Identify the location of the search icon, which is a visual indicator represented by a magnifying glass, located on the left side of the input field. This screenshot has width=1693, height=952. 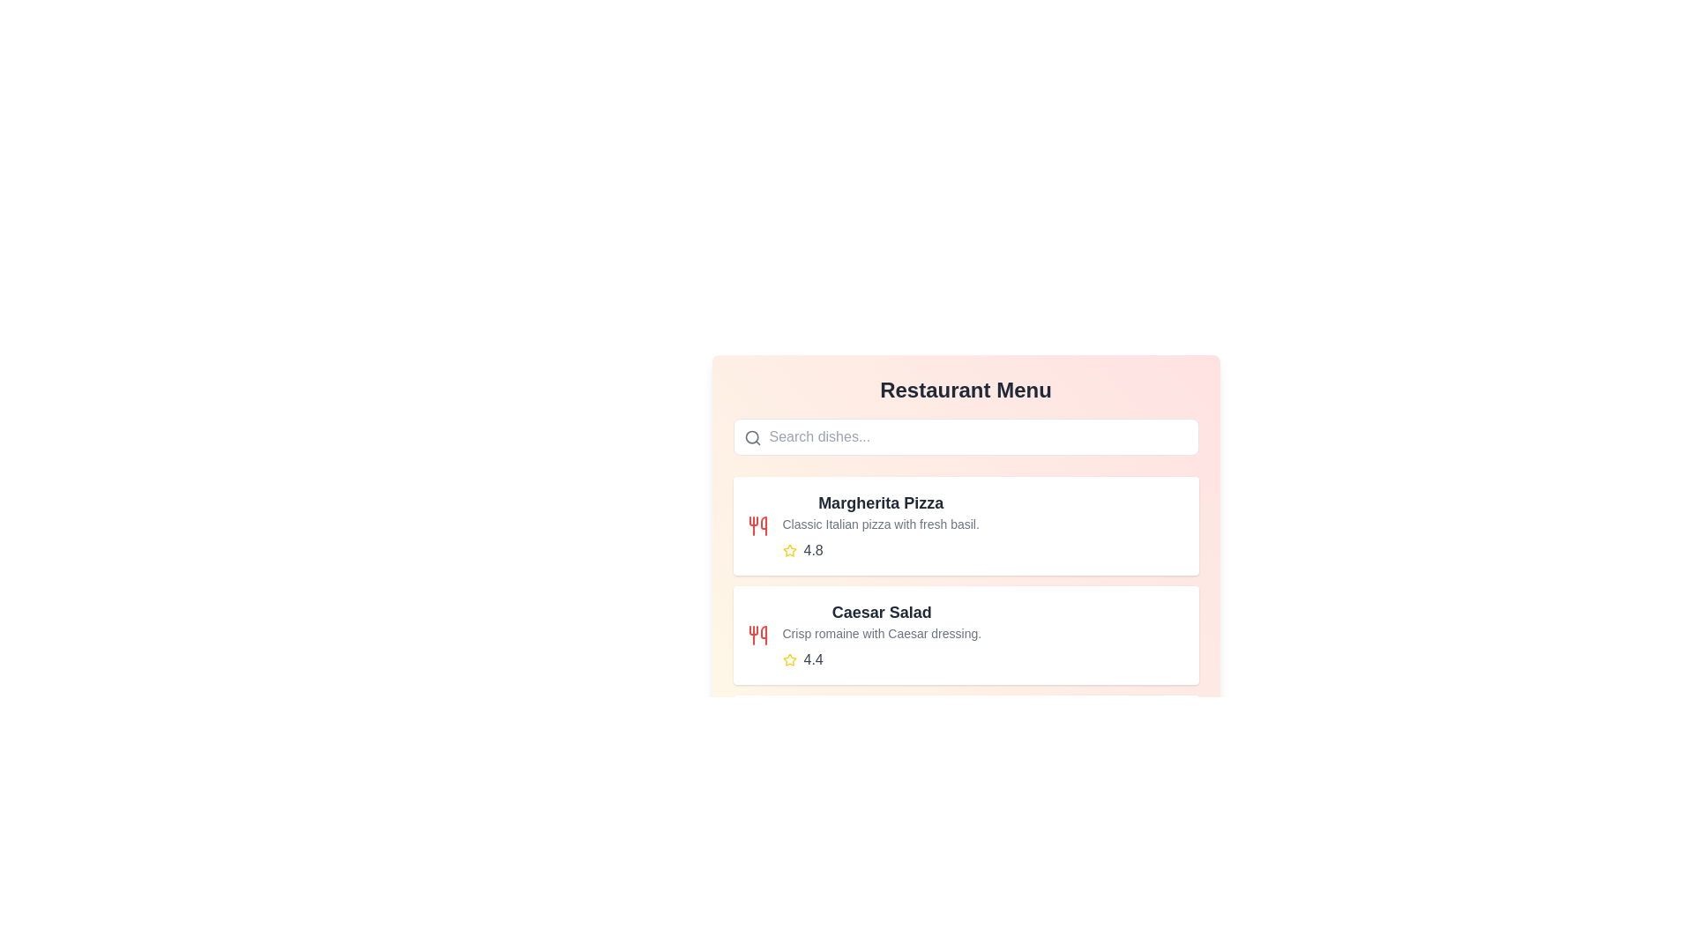
(752, 437).